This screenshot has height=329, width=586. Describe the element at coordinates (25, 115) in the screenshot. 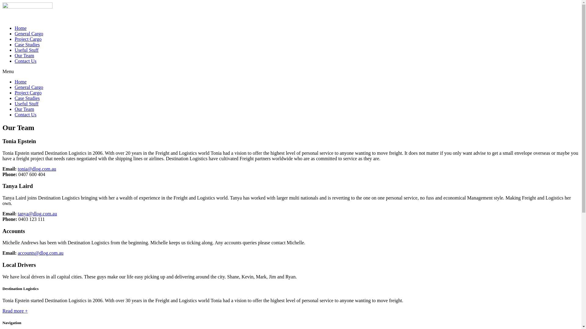

I see `'Contact Us'` at that location.